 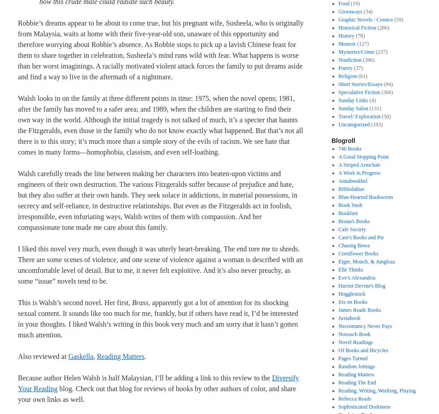 I want to click on '(127)', so click(x=362, y=44).